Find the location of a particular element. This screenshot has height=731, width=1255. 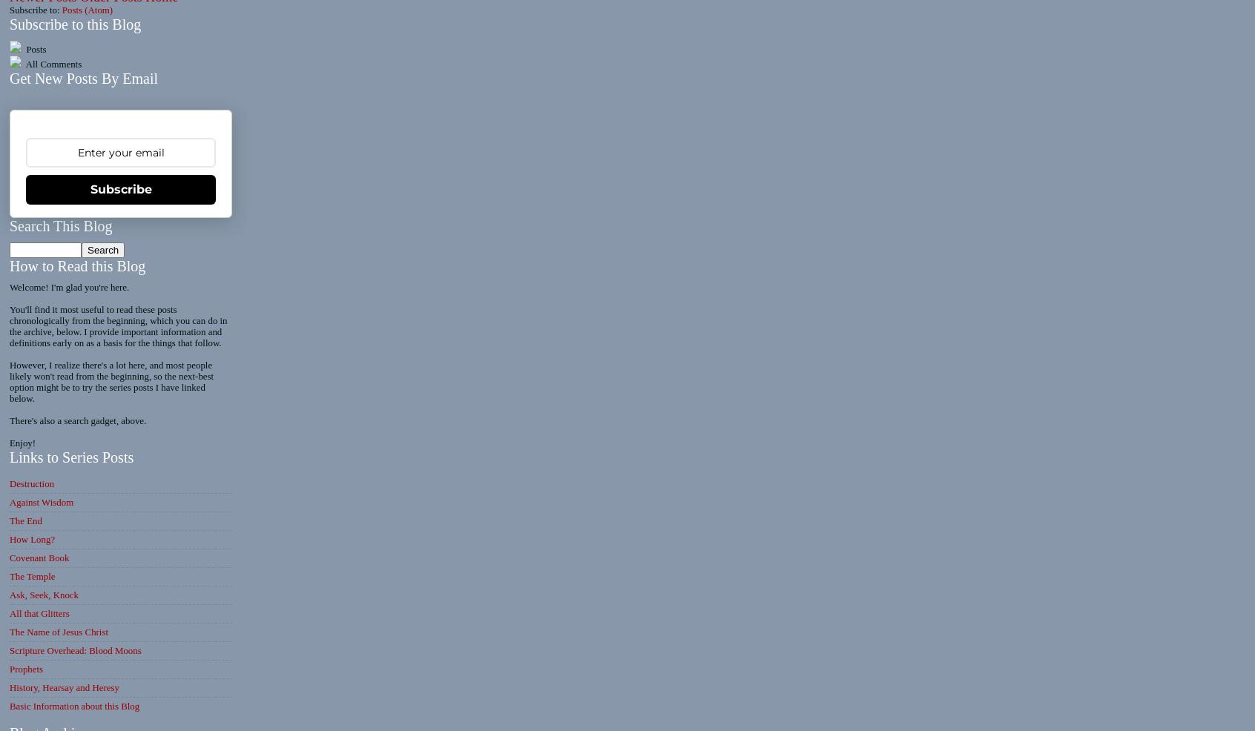

'How Long?' is located at coordinates (31, 537).